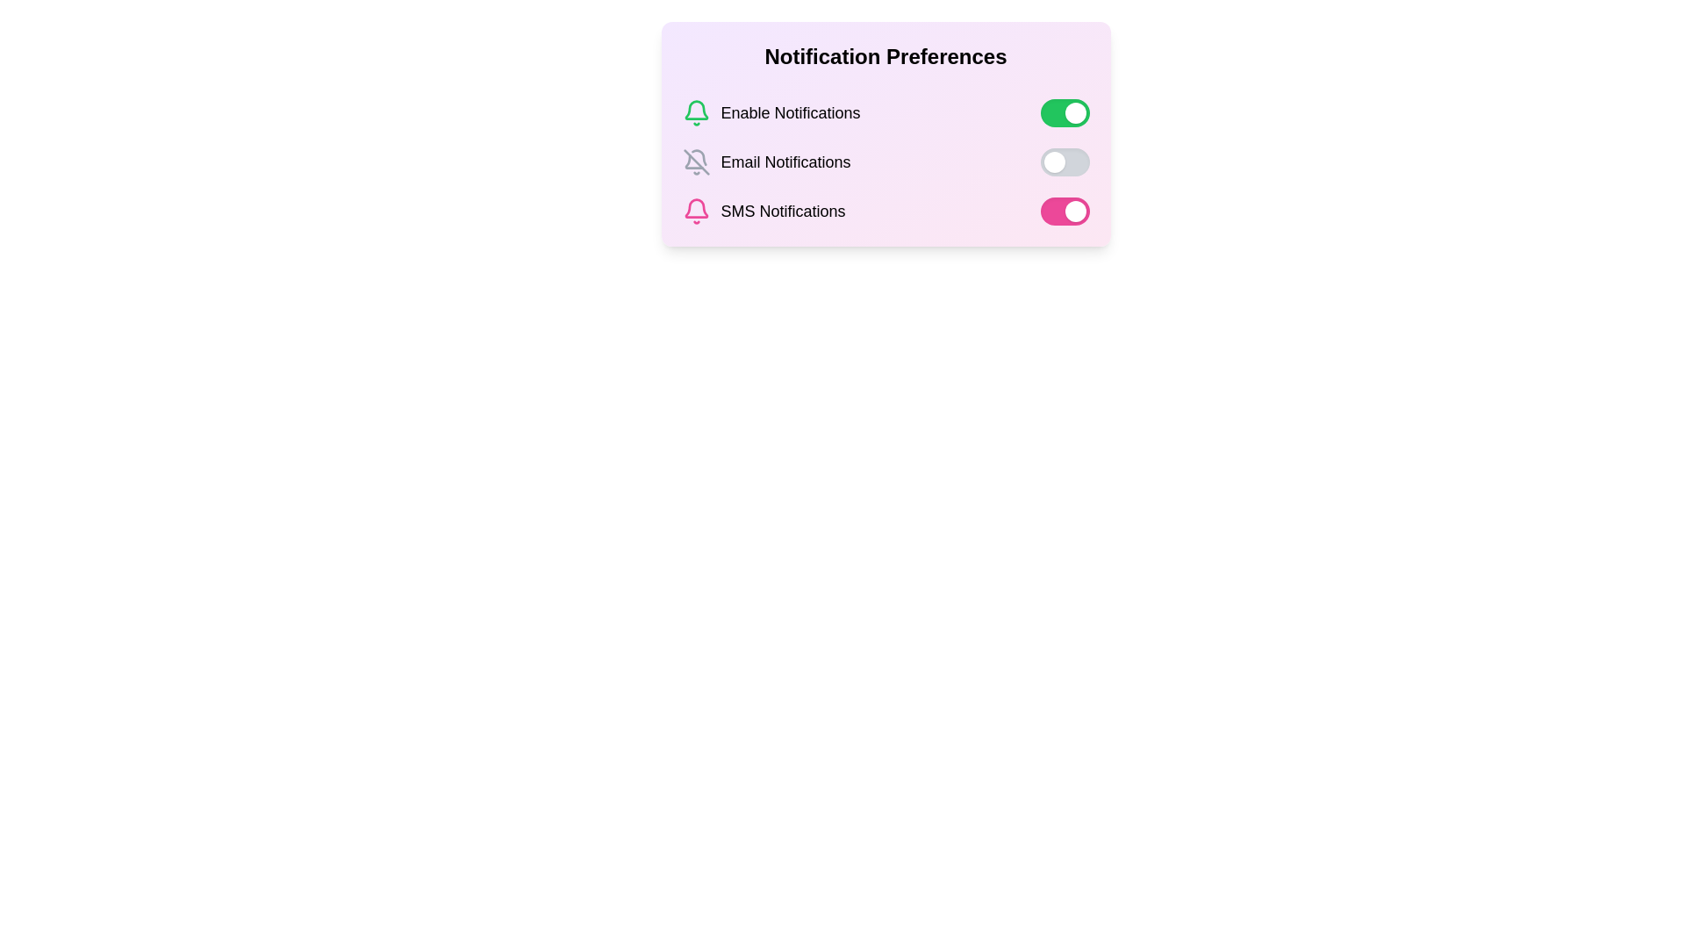 The height and width of the screenshot is (948, 1685). I want to click on description from the text element indicating the notification setting, which is the topmost item in the list under 'Notification Preferences' and located to the left of the green toggle switch, so click(771, 112).